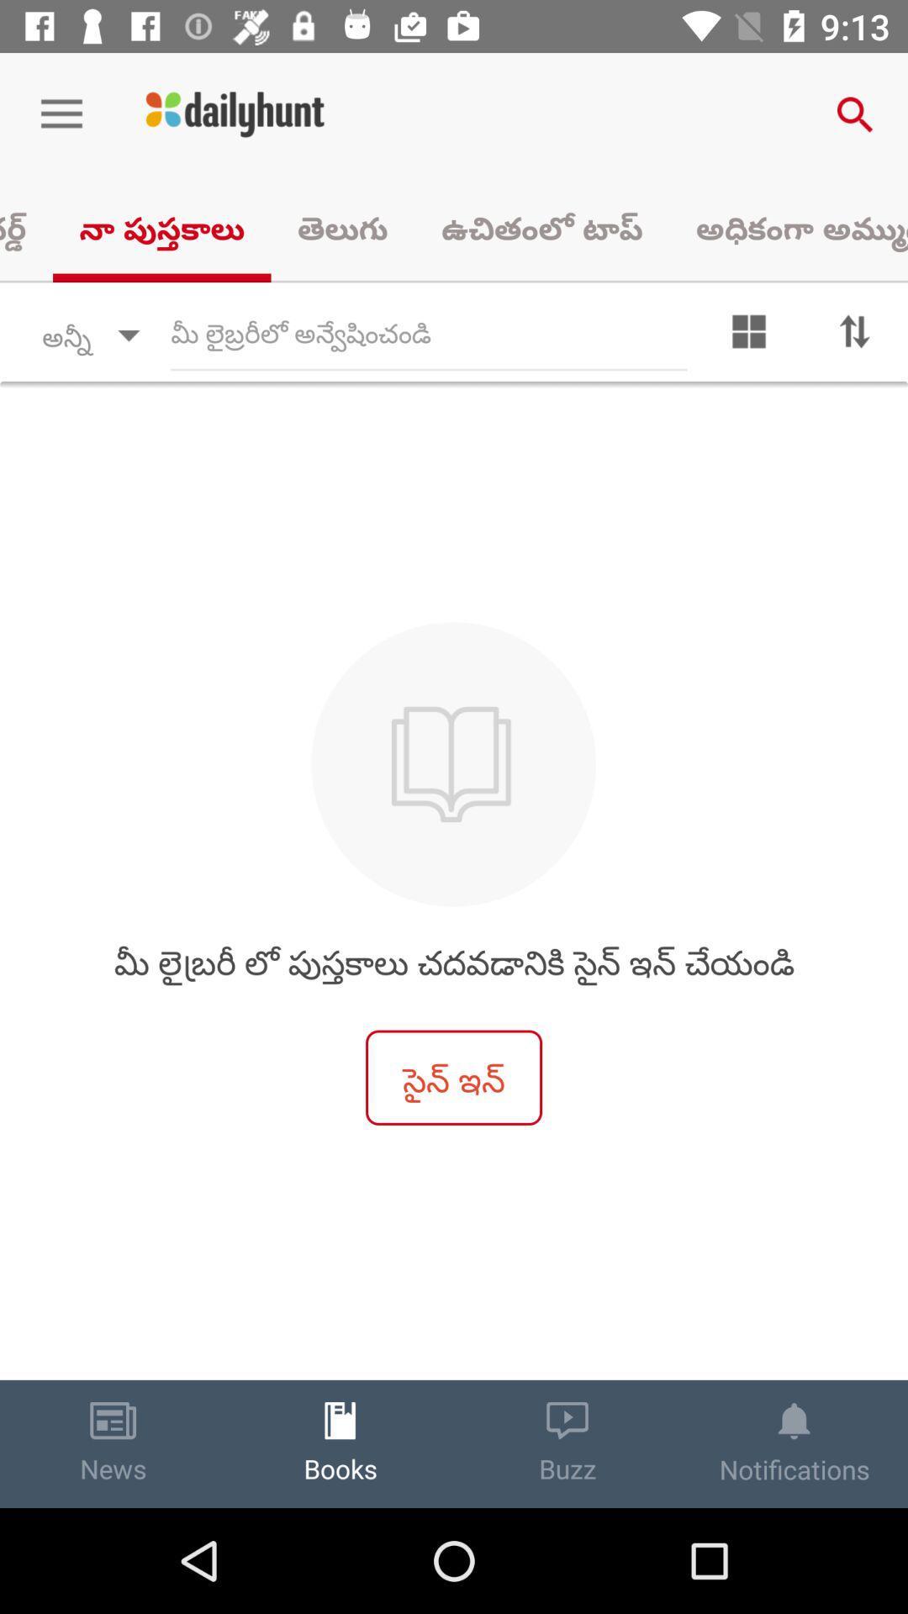  What do you see at coordinates (748, 335) in the screenshot?
I see `more options` at bounding box center [748, 335].